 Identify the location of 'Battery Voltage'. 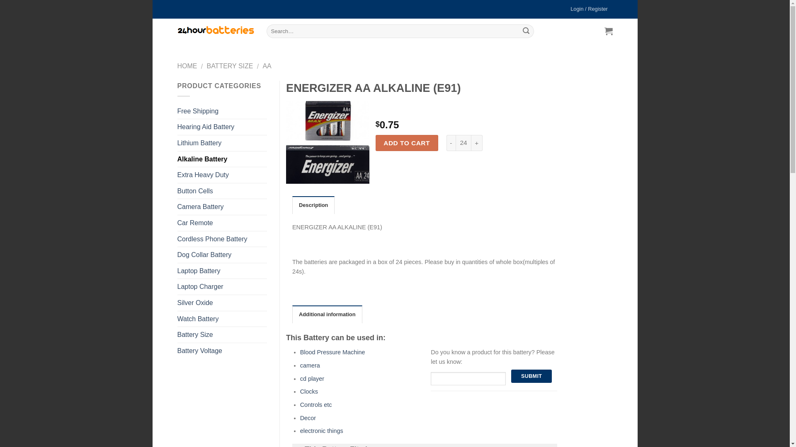
(222, 351).